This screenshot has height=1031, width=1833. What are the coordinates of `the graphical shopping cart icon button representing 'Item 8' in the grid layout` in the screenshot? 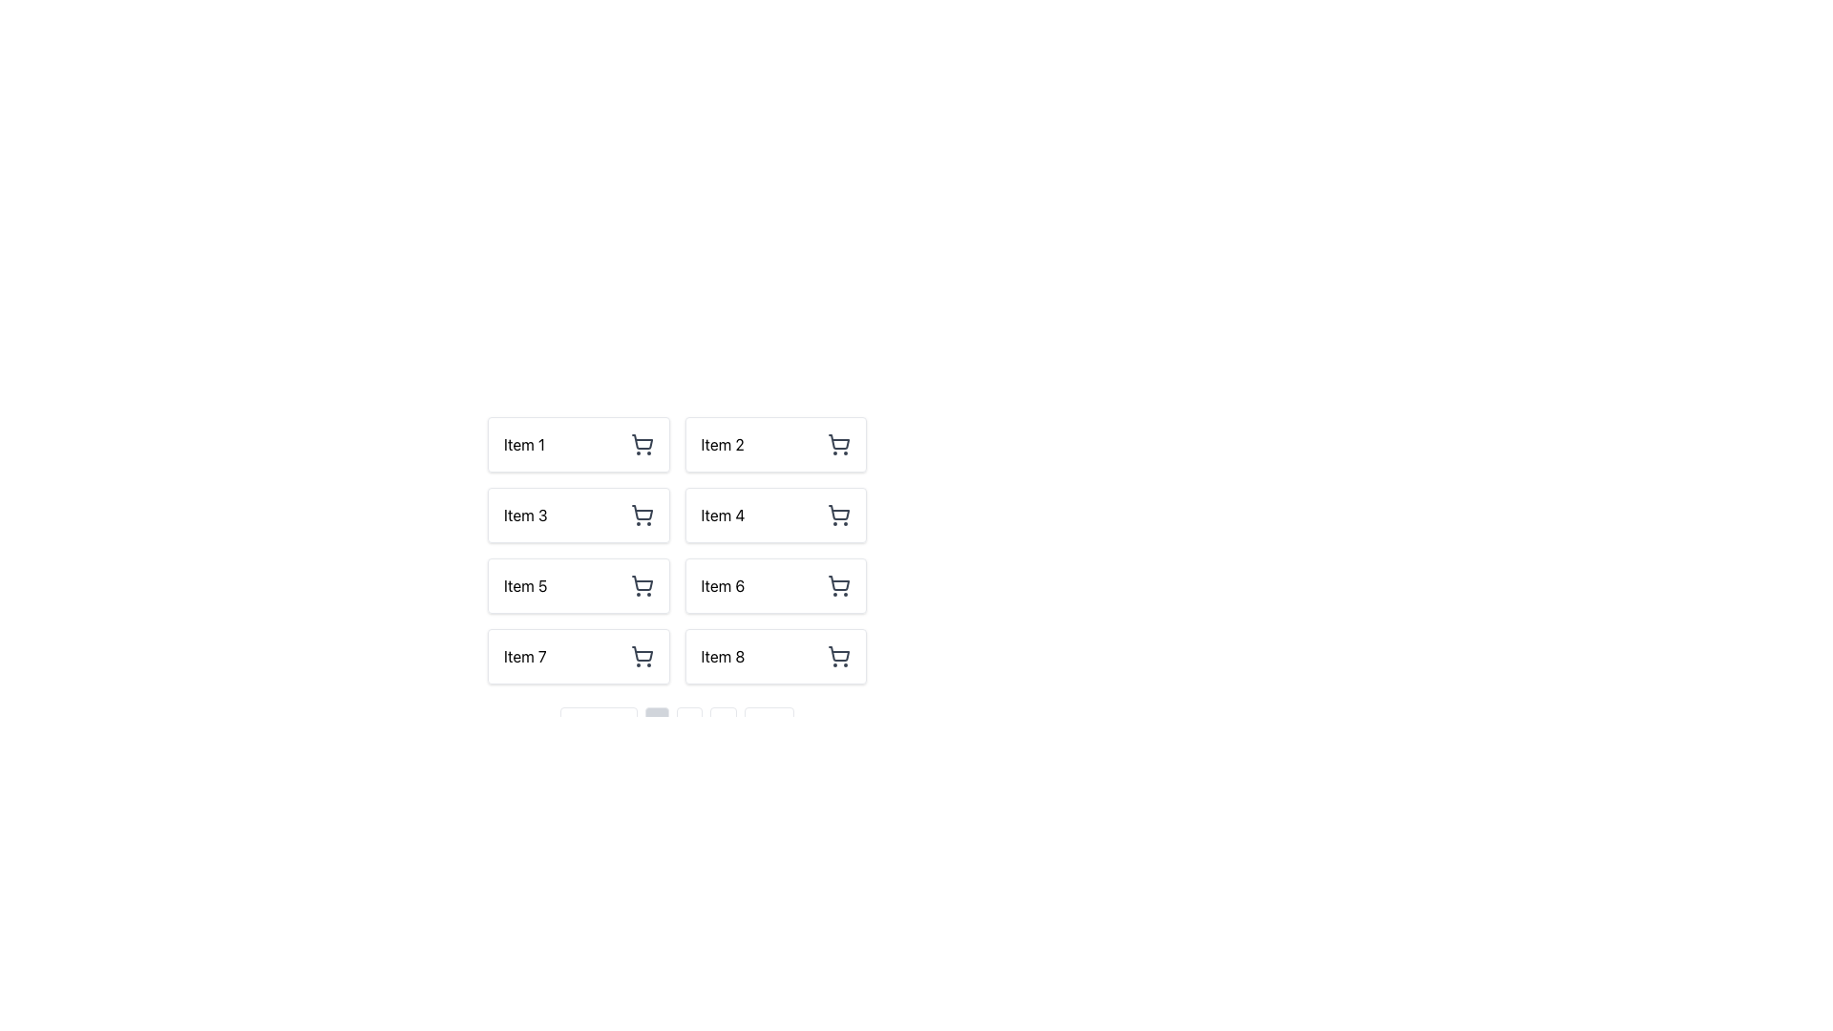 It's located at (838, 655).